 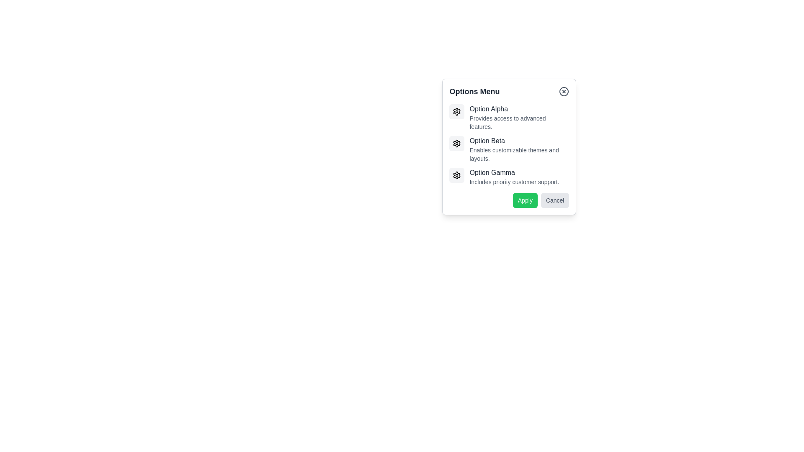 What do you see at coordinates (509, 149) in the screenshot?
I see `description of the List item labeled 'Option Beta' which includes an icon resembling a gear and descriptive text about customizable themes and layouts` at bounding box center [509, 149].